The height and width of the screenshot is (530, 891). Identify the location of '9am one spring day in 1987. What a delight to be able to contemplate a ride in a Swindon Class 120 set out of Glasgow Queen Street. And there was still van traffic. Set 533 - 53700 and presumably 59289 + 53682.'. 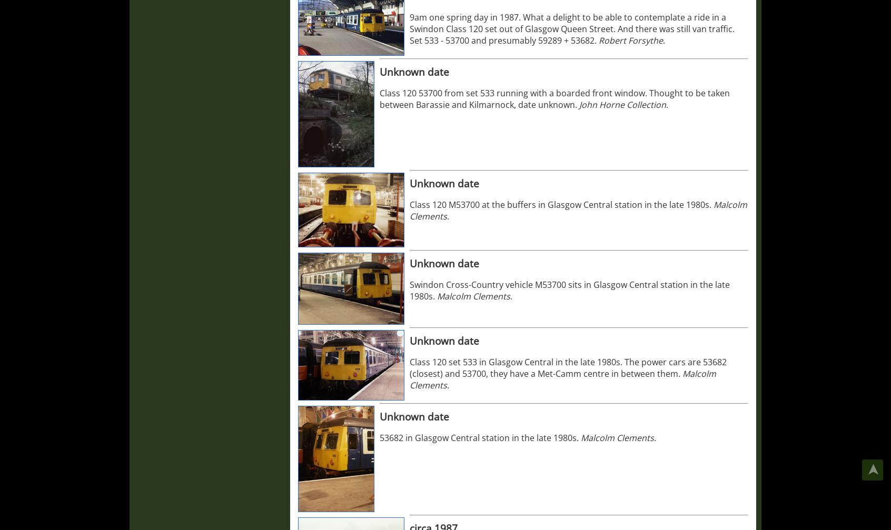
(572, 28).